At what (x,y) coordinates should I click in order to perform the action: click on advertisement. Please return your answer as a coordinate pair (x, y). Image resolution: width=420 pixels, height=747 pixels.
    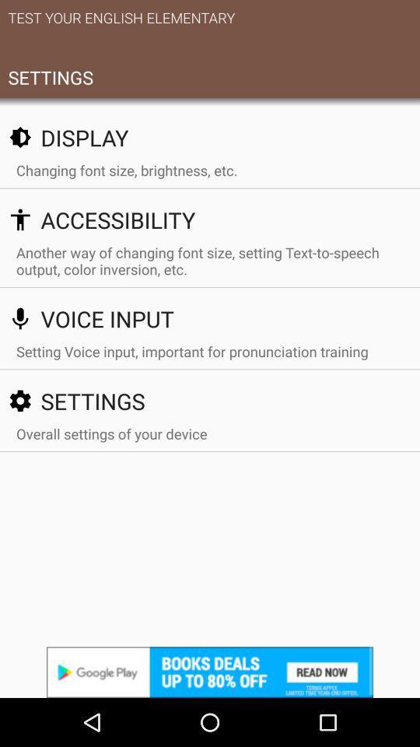
    Looking at the image, I should click on (210, 672).